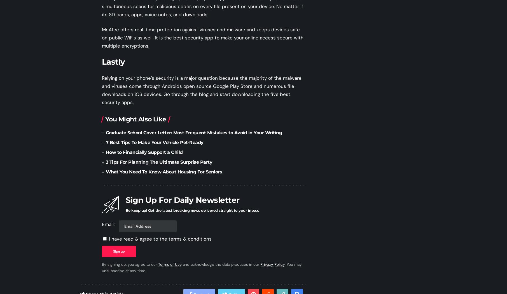 The height and width of the screenshot is (294, 507). Describe the element at coordinates (160, 238) in the screenshot. I see `'I have read & agree to the terms & conditions'` at that location.